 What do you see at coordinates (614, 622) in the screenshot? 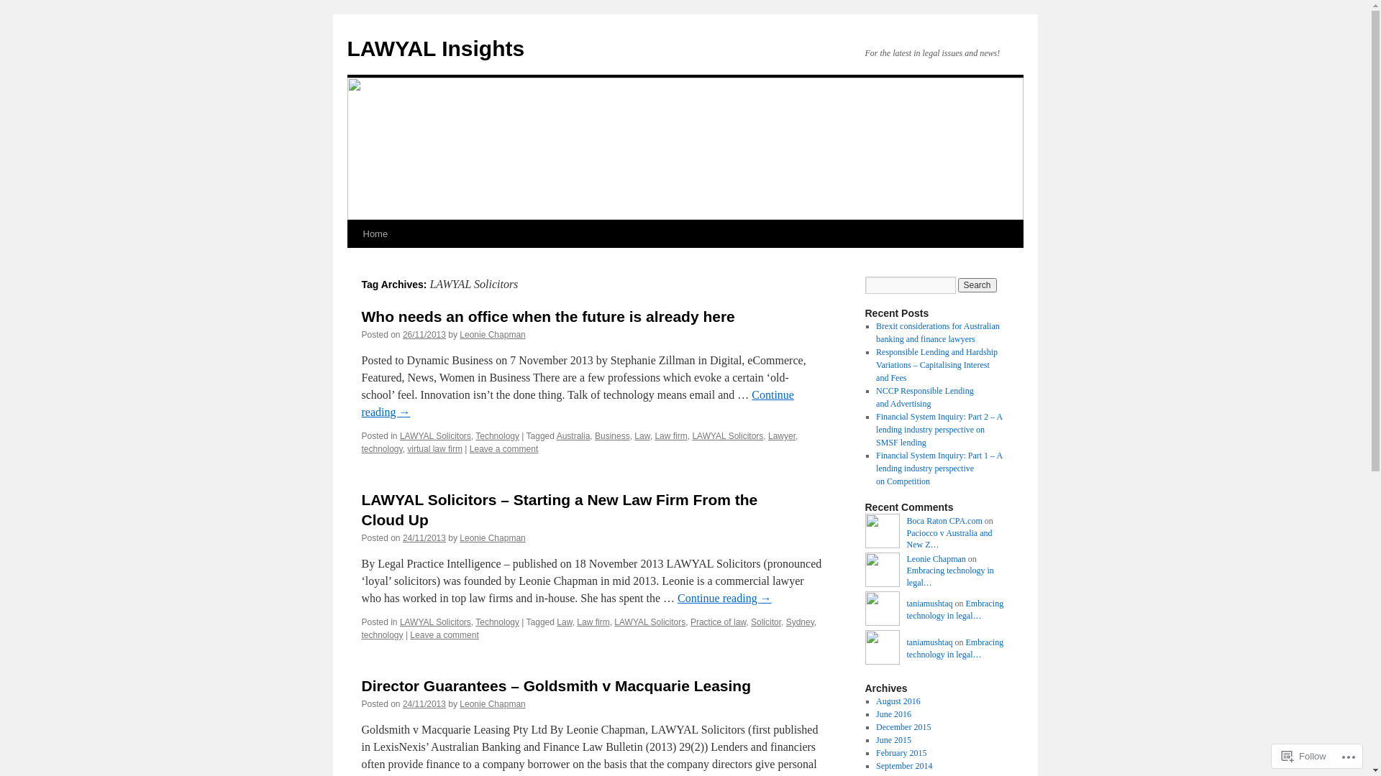
I see `'LAWYAL Solicitors'` at bounding box center [614, 622].